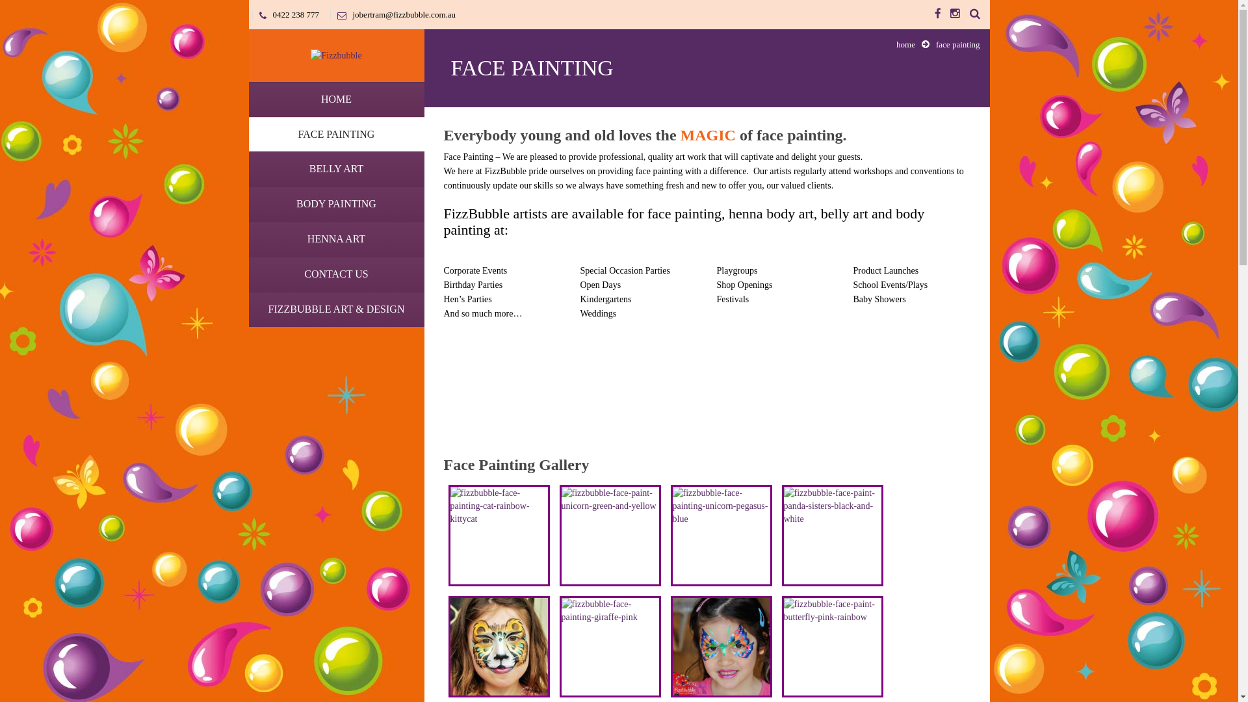 The image size is (1248, 702). What do you see at coordinates (610, 536) in the screenshot?
I see `'fizzbubble-face-paint-unicorn-green-and-yellow'` at bounding box center [610, 536].